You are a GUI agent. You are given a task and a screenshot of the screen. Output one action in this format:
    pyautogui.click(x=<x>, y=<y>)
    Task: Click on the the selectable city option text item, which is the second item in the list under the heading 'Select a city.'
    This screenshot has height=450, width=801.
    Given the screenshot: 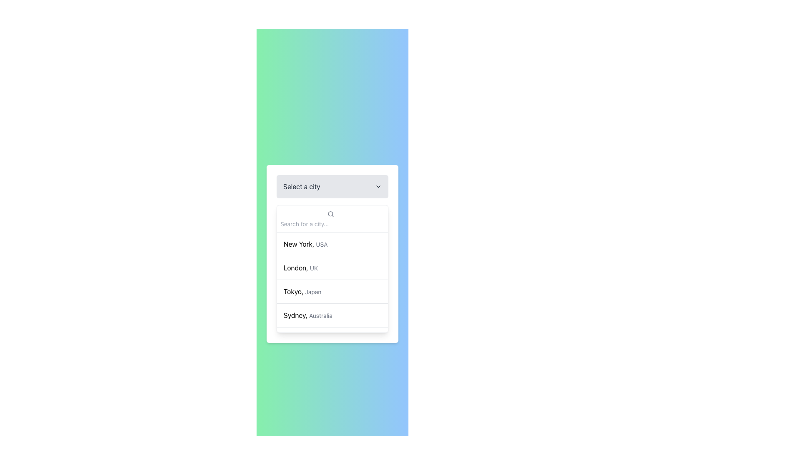 What is the action you would take?
    pyautogui.click(x=300, y=267)
    